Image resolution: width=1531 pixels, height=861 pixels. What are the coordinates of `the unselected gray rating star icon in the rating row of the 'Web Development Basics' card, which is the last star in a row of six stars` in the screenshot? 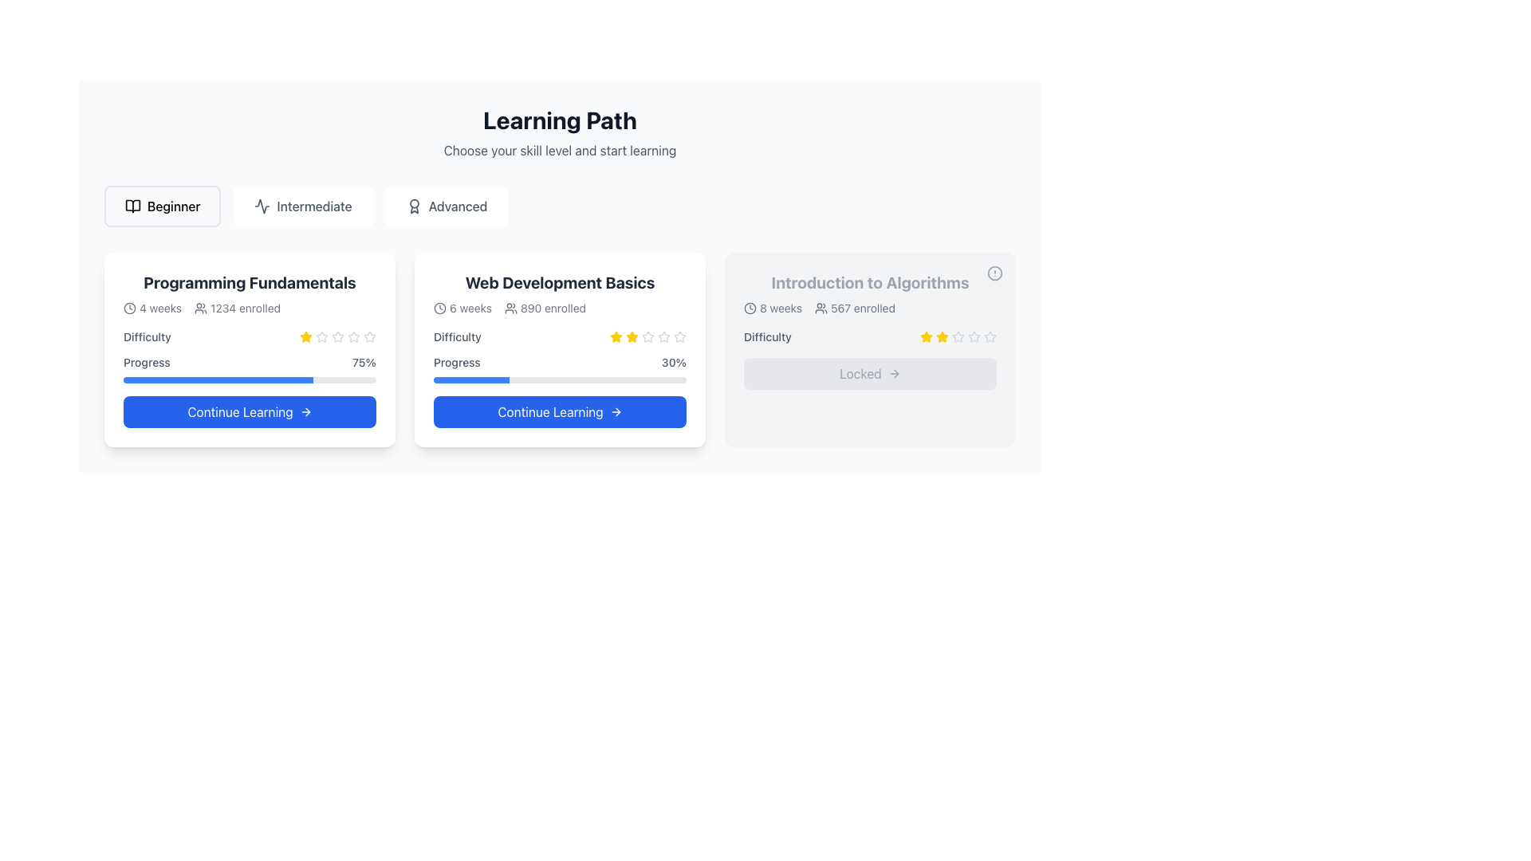 It's located at (664, 336).